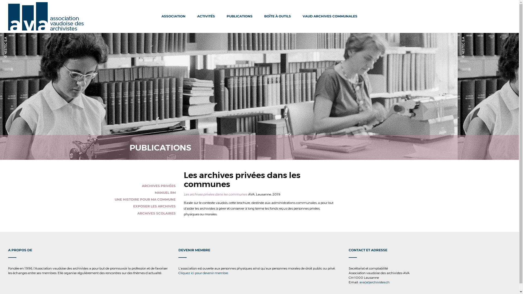 This screenshot has height=294, width=523. I want to click on 'MANUEL RM', so click(165, 192).